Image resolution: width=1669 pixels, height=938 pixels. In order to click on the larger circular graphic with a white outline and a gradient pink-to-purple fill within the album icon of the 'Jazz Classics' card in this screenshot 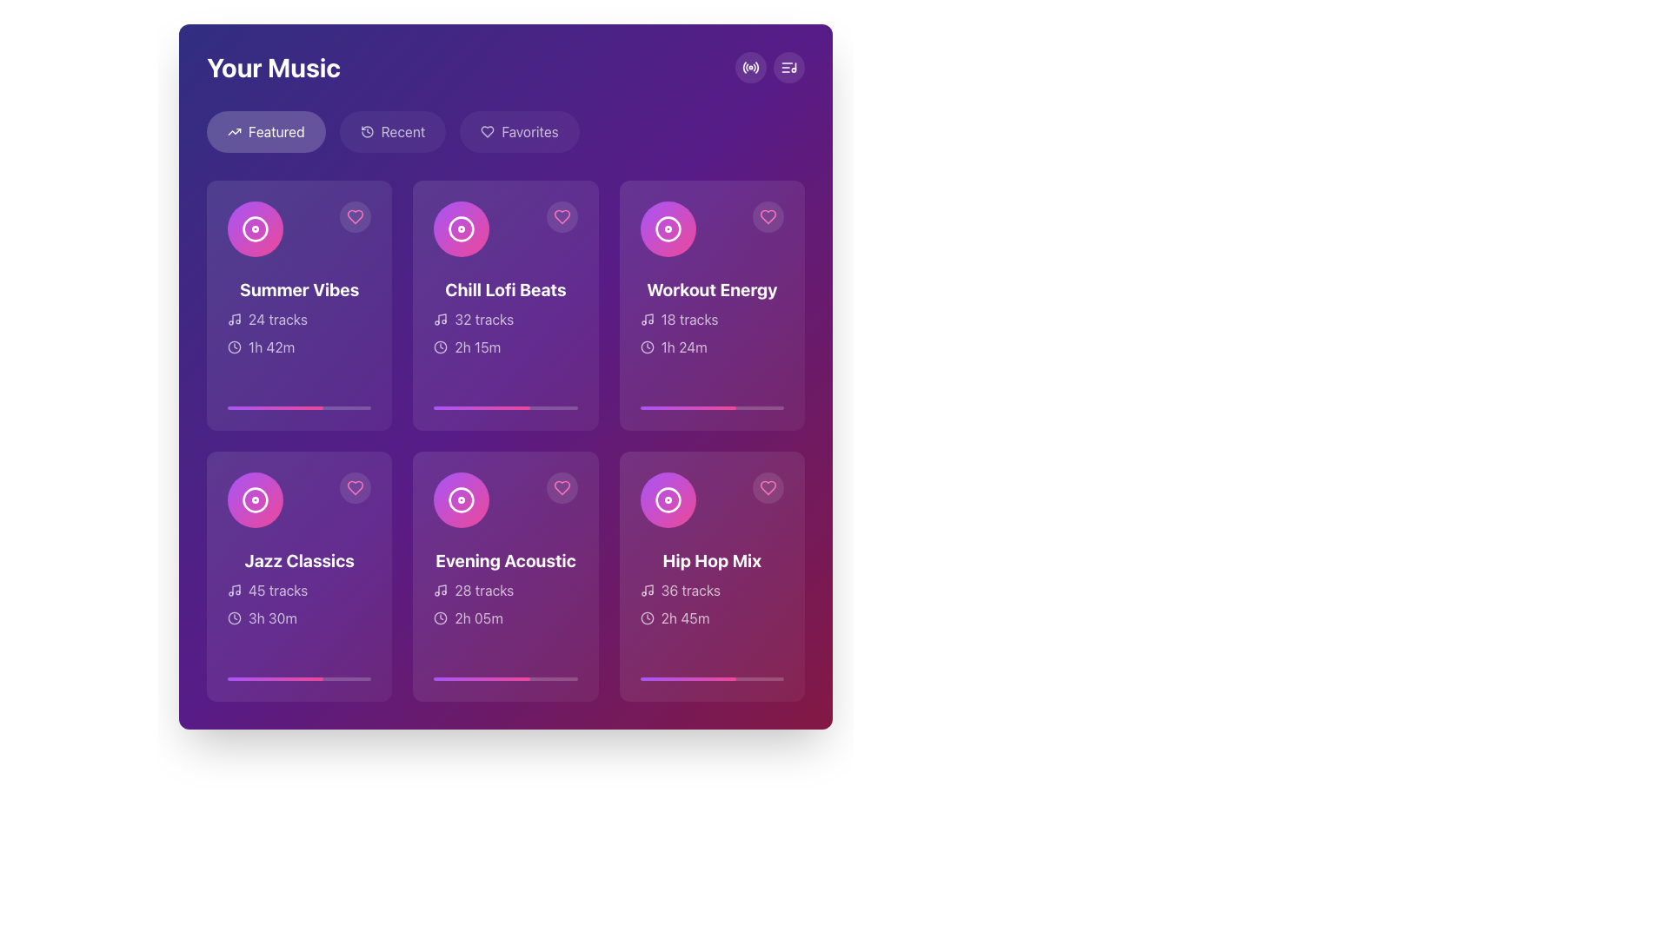, I will do `click(254, 499)`.